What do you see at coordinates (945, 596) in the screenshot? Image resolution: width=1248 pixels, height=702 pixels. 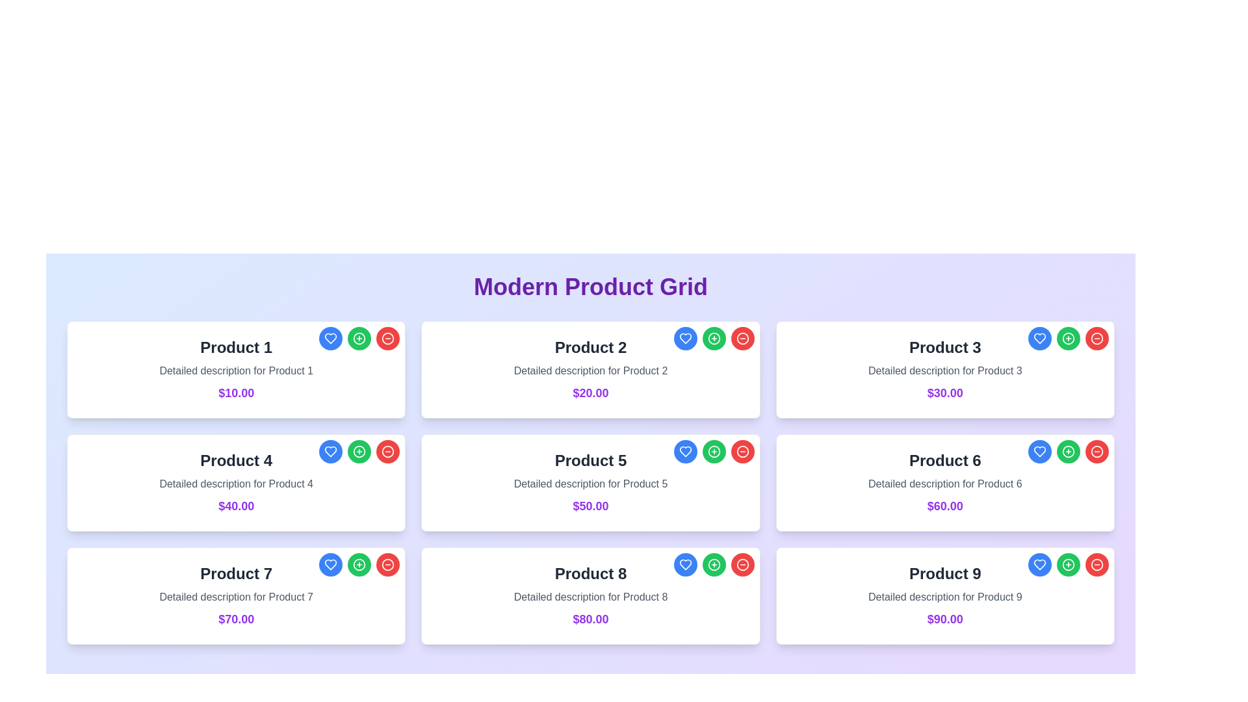 I see `the actionable buttons within the product information card located at the bottom-right corner of the 3x3 grid of product cards` at bounding box center [945, 596].